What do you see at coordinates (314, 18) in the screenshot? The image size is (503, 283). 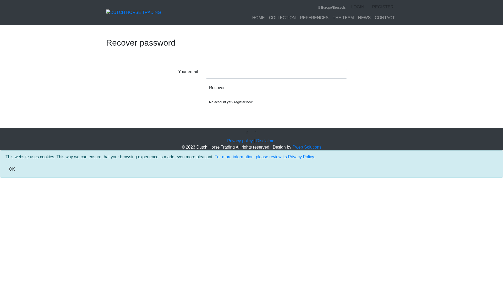 I see `'REFERENCES'` at bounding box center [314, 18].